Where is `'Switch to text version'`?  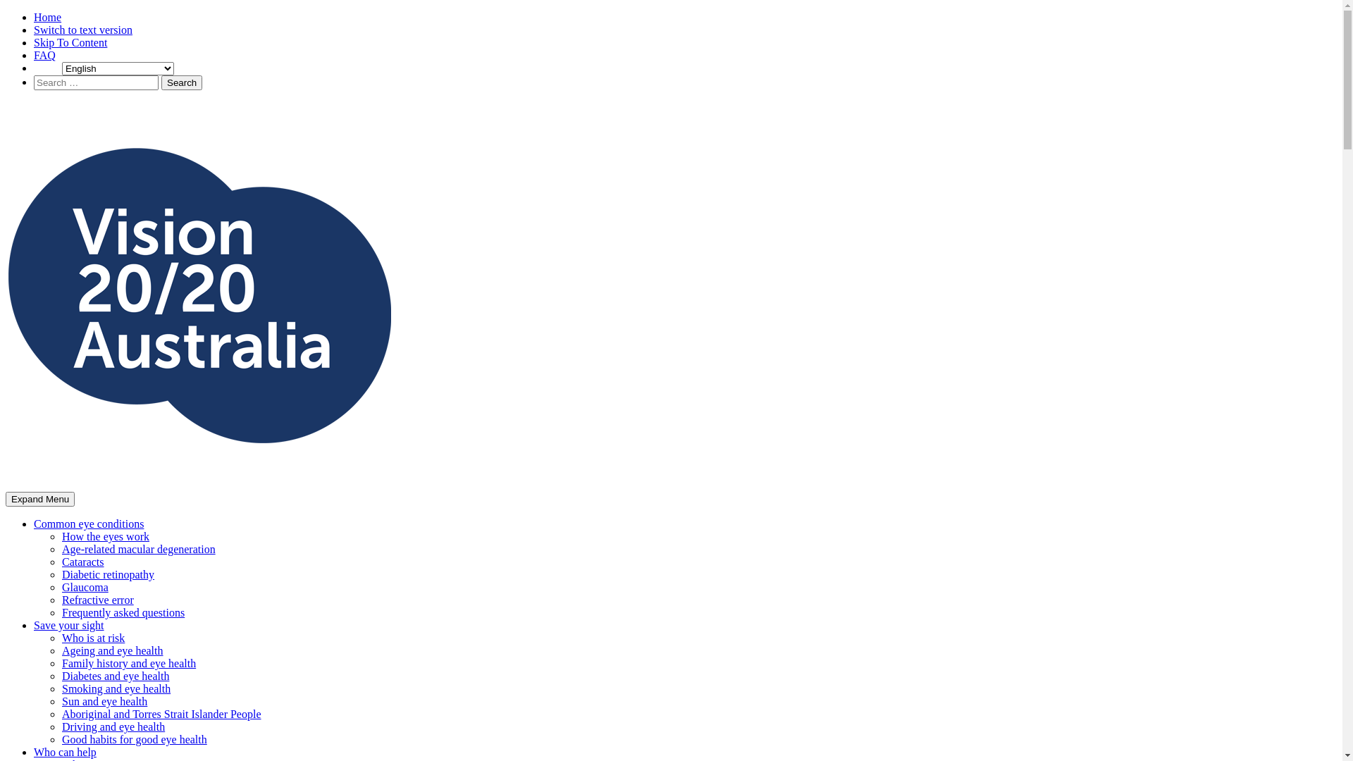 'Switch to text version' is located at coordinates (82, 30).